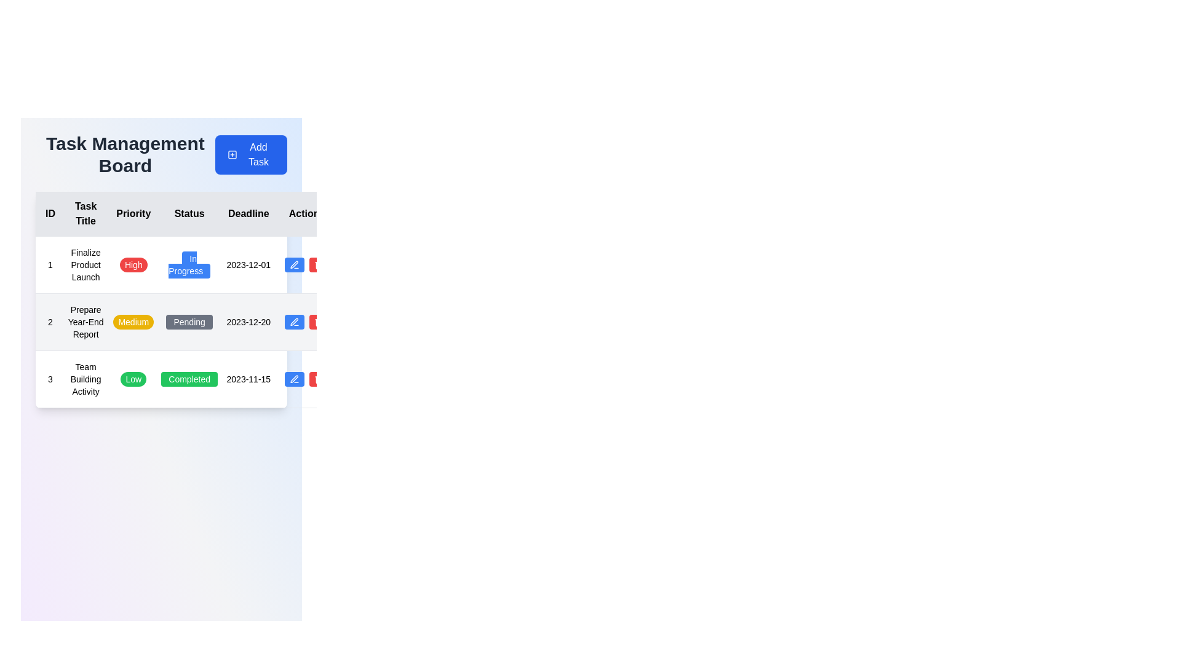 The width and height of the screenshot is (1181, 664). Describe the element at coordinates (49, 322) in the screenshot. I see `the text element that indicates the index or ID of the task in the leftmost column of the second row in a task tracking table` at that location.